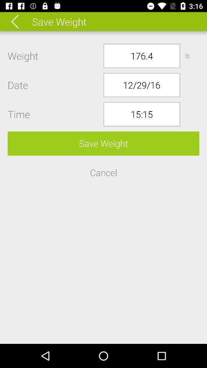  I want to click on icon above 12/29/16 icon, so click(141, 55).